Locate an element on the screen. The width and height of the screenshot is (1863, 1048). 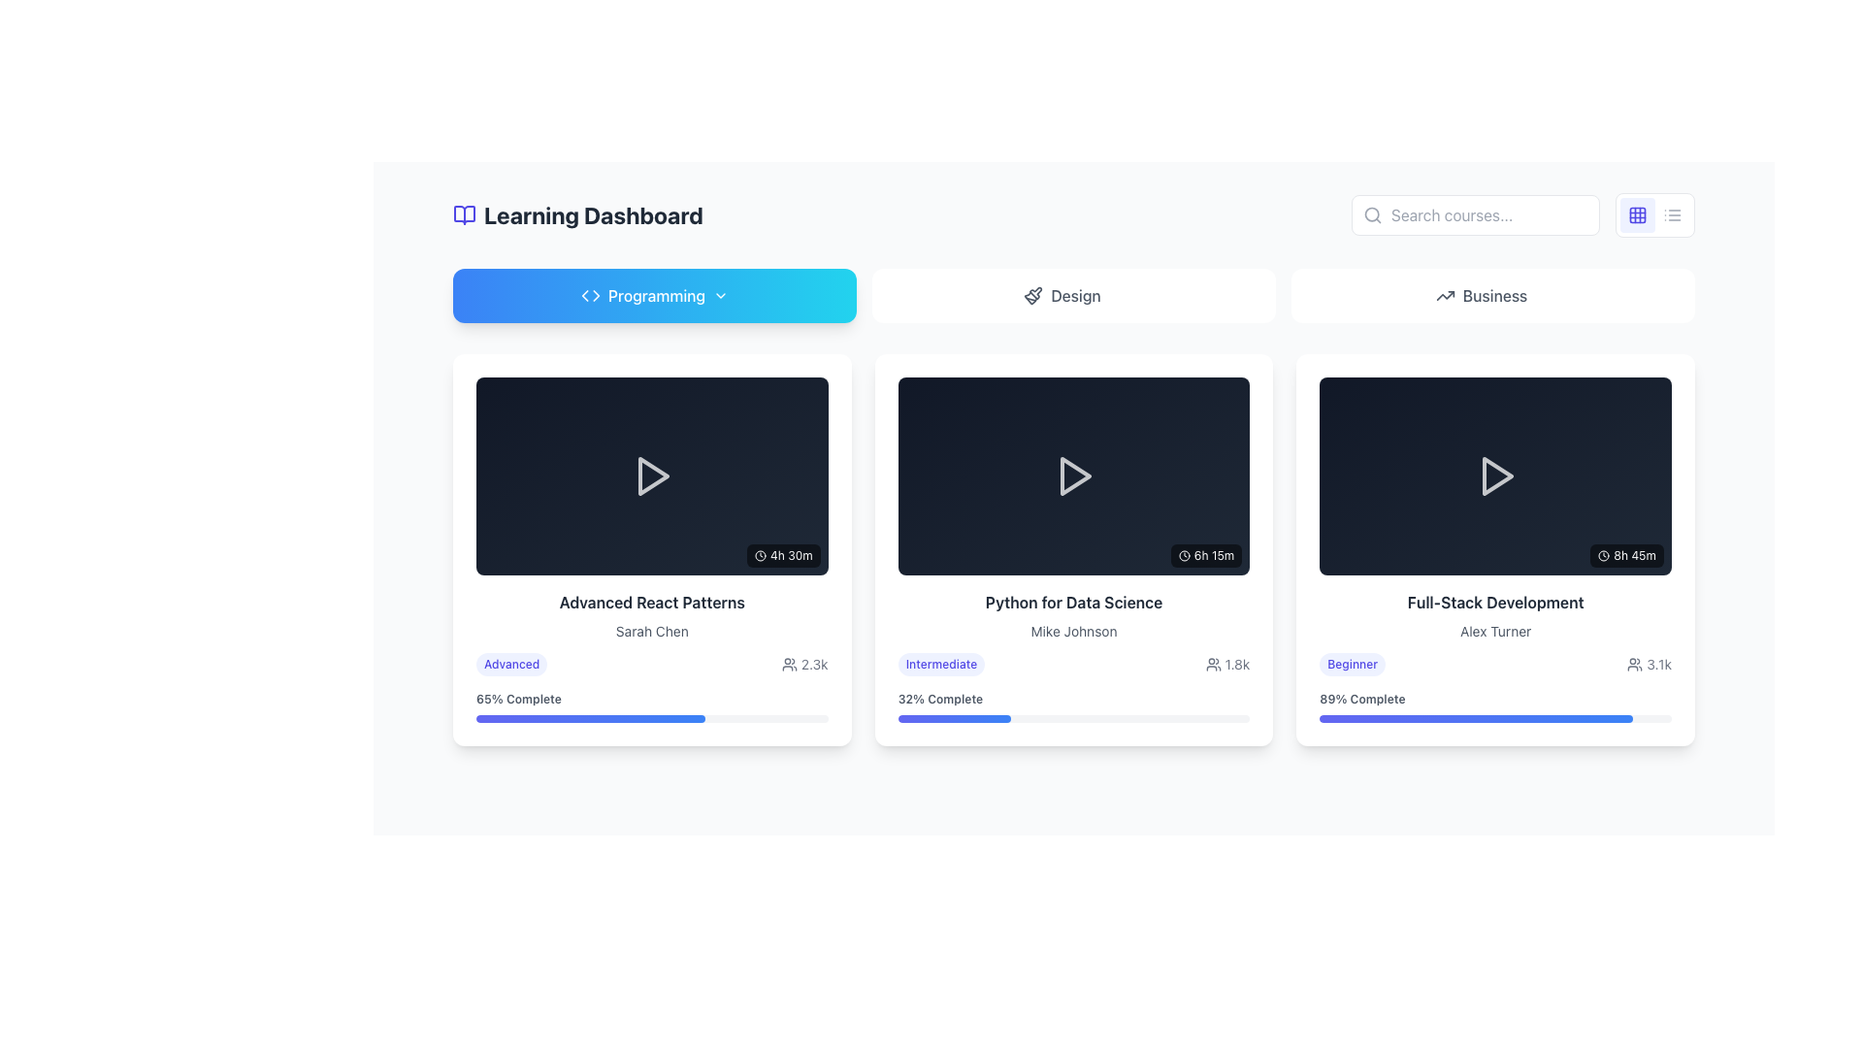
the participant/viewer icon located to the left of the numeric text '2.3k' in the lower section of the 'Advanced React Patterns' course card is located at coordinates (789, 663).